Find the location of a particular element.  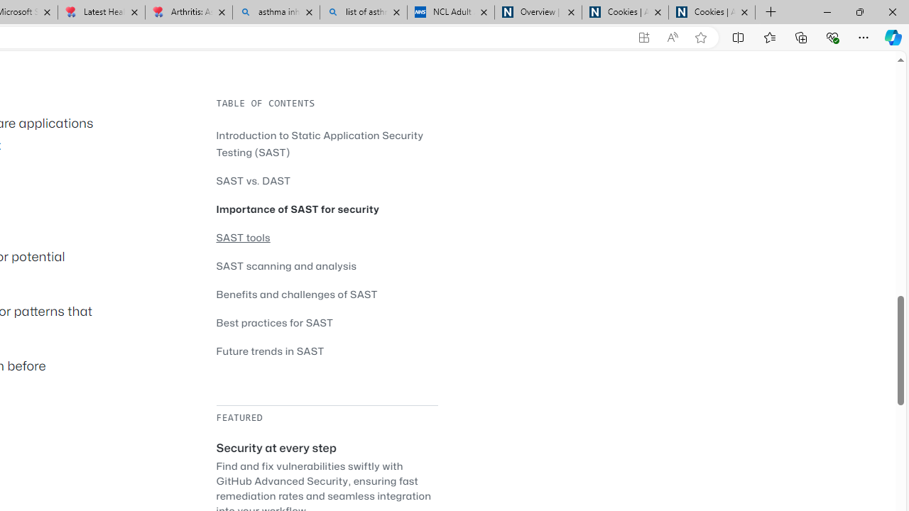

'NCL Adult Asthma Inhaler Choice Guideline' is located at coordinates (450, 12).